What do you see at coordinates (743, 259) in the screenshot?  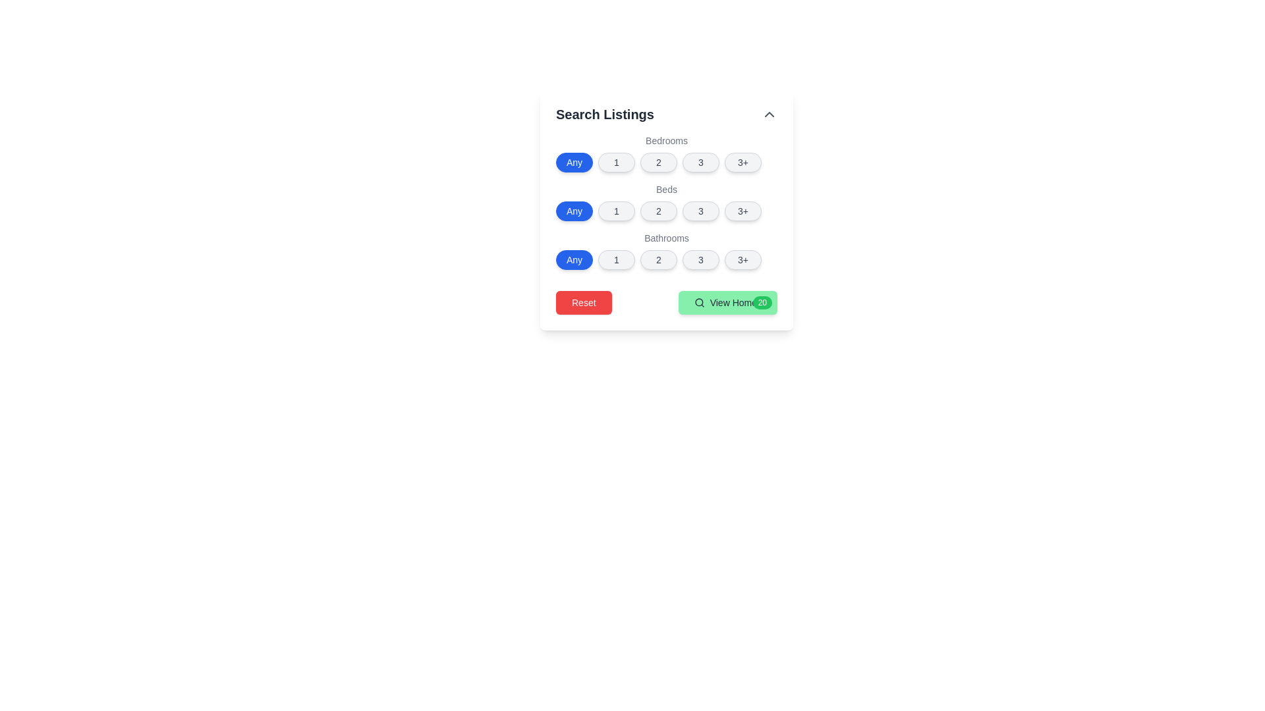 I see `the '3 or more' button located at the far right of the horizontal group of buttons in the 'Bathrooms' filter section` at bounding box center [743, 259].